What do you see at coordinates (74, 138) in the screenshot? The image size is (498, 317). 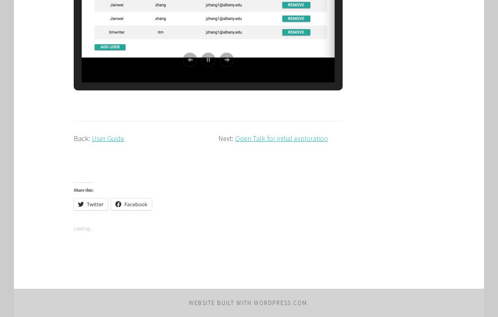 I see `'Back:'` at bounding box center [74, 138].